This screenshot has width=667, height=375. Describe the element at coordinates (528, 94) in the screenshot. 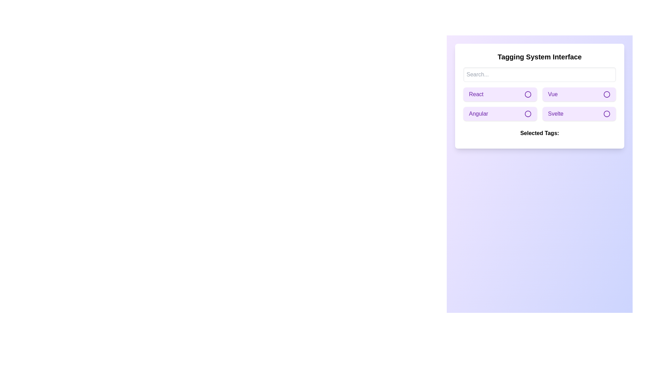

I see `the circular icon representing the selection indicator associated with the 'React' label` at that location.